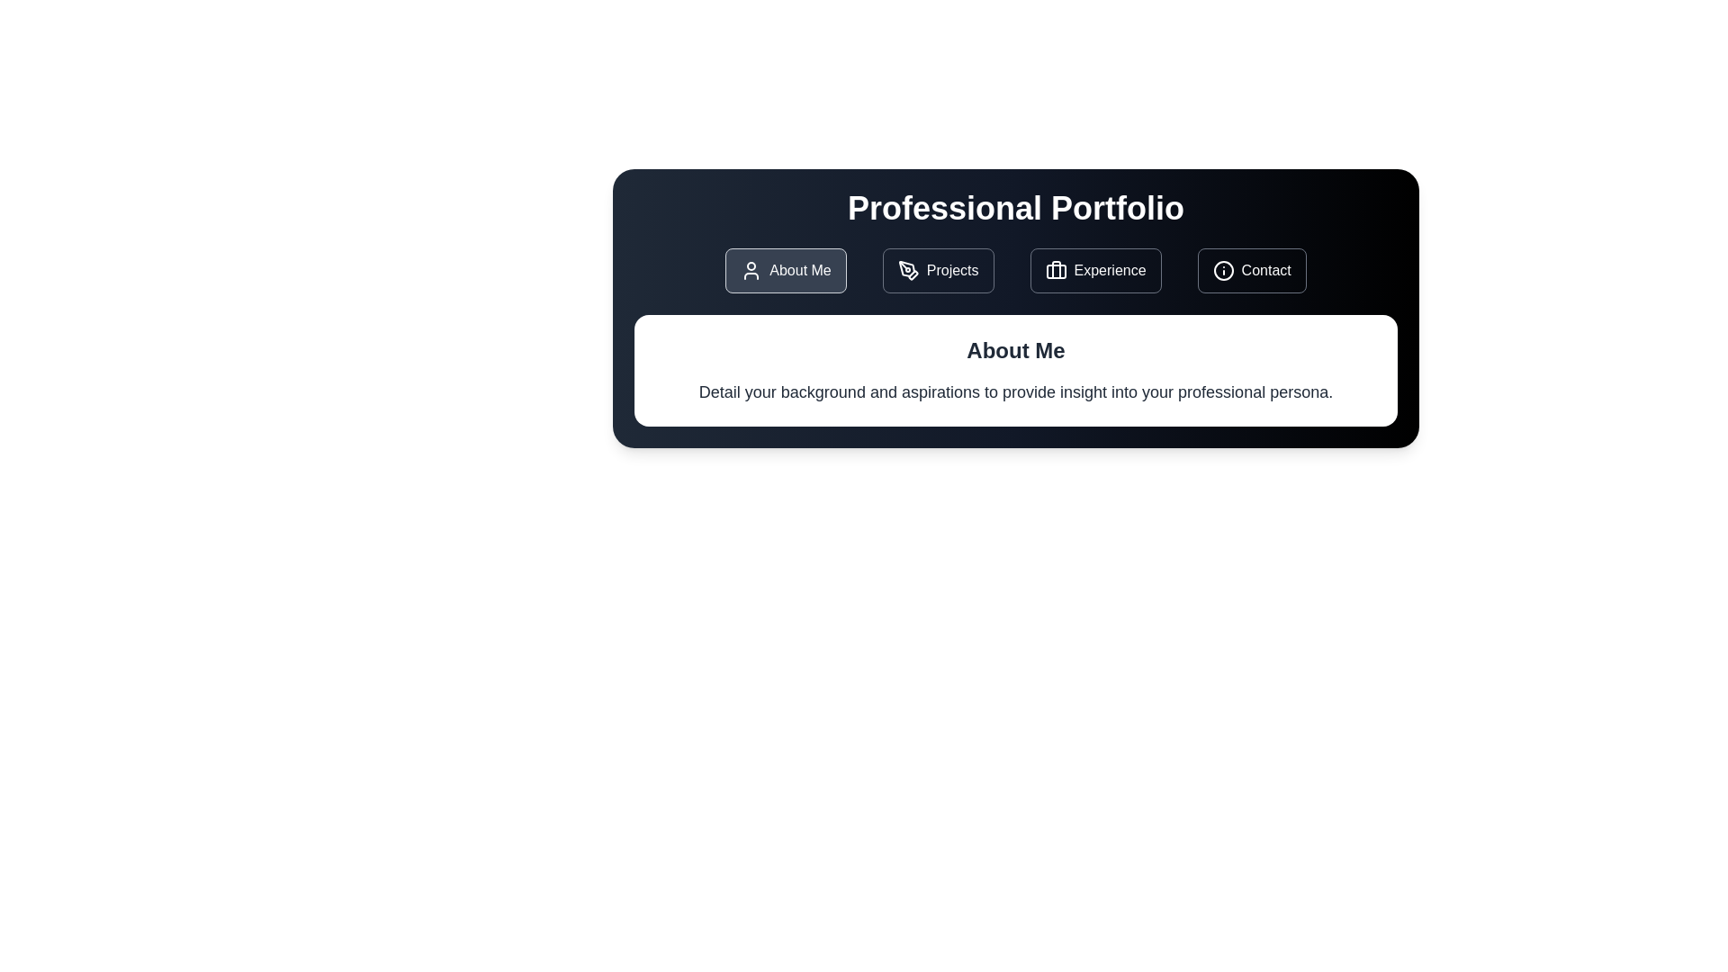 Image resolution: width=1728 pixels, height=972 pixels. I want to click on the pen tool icon located within the 'Projects' button in the navigation bar, which is positioned below the main title 'Professional Portfolio', so click(908, 270).